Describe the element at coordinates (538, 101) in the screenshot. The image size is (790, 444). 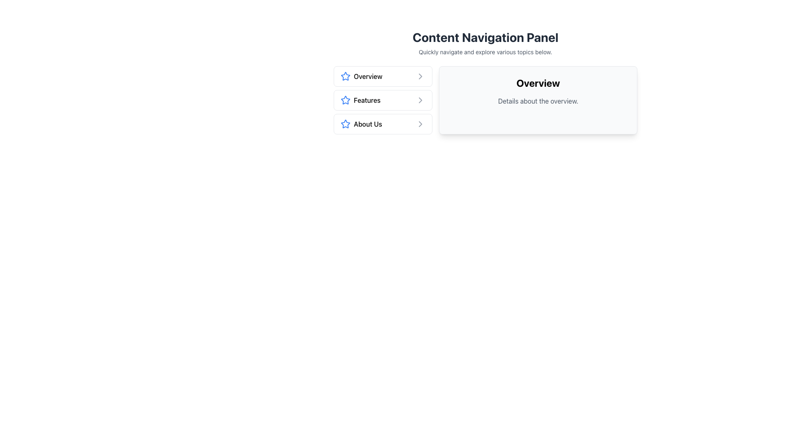
I see `the static text label located below the 'Overview' heading in the right panel, which provides auxiliary information about the topic` at that location.